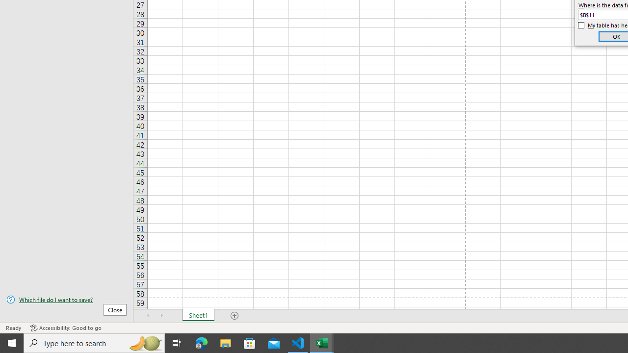  I want to click on 'Scroll Right', so click(162, 316).